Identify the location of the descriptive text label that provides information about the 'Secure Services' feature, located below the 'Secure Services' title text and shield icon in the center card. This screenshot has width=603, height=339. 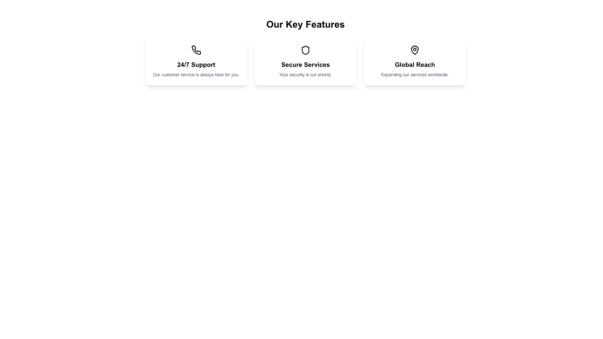
(306, 74).